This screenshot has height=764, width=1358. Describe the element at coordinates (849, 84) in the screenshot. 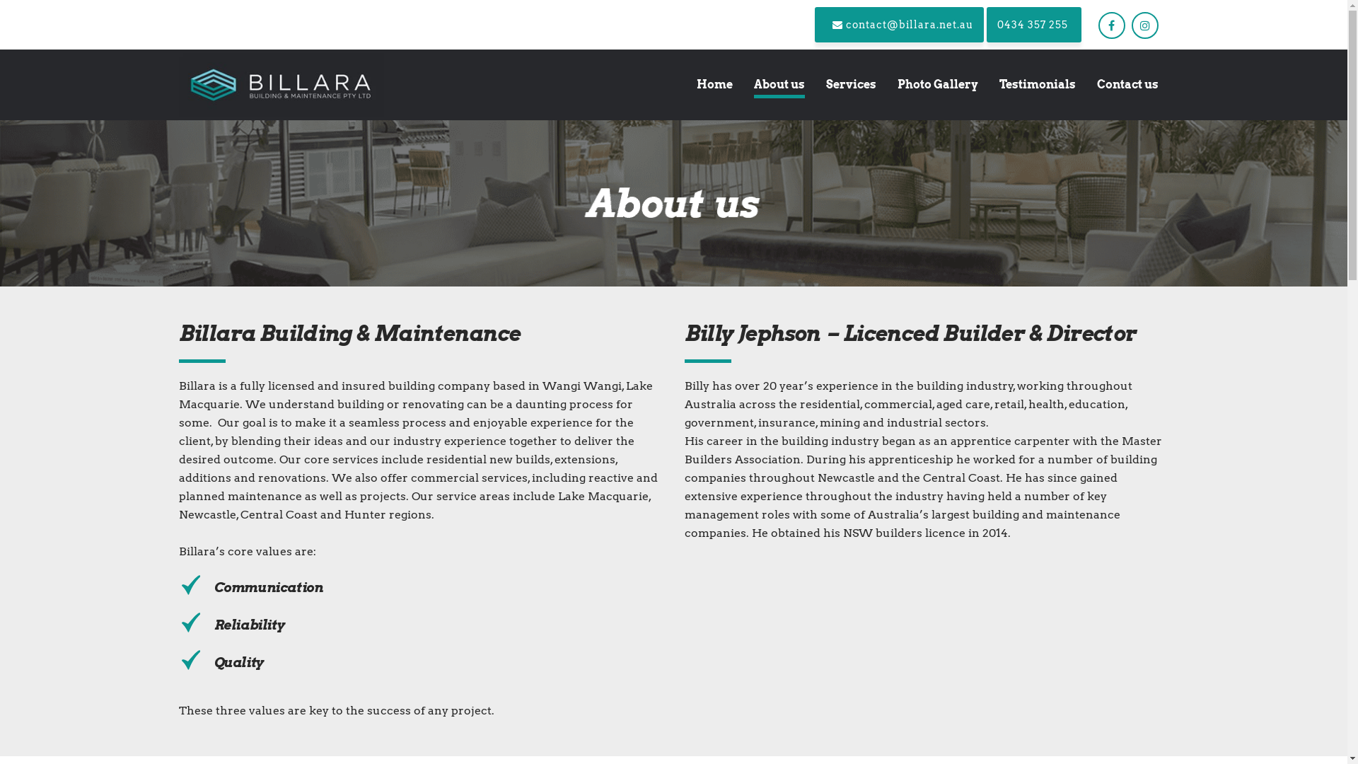

I see `'Services'` at that location.